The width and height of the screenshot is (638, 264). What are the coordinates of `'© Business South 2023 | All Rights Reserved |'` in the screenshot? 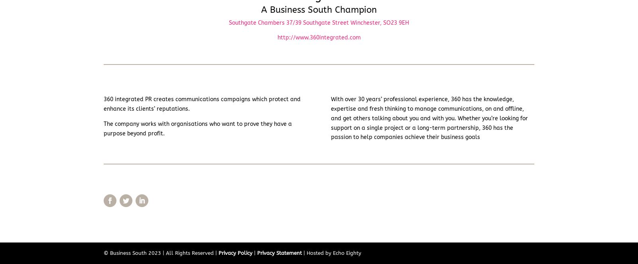 It's located at (161, 252).